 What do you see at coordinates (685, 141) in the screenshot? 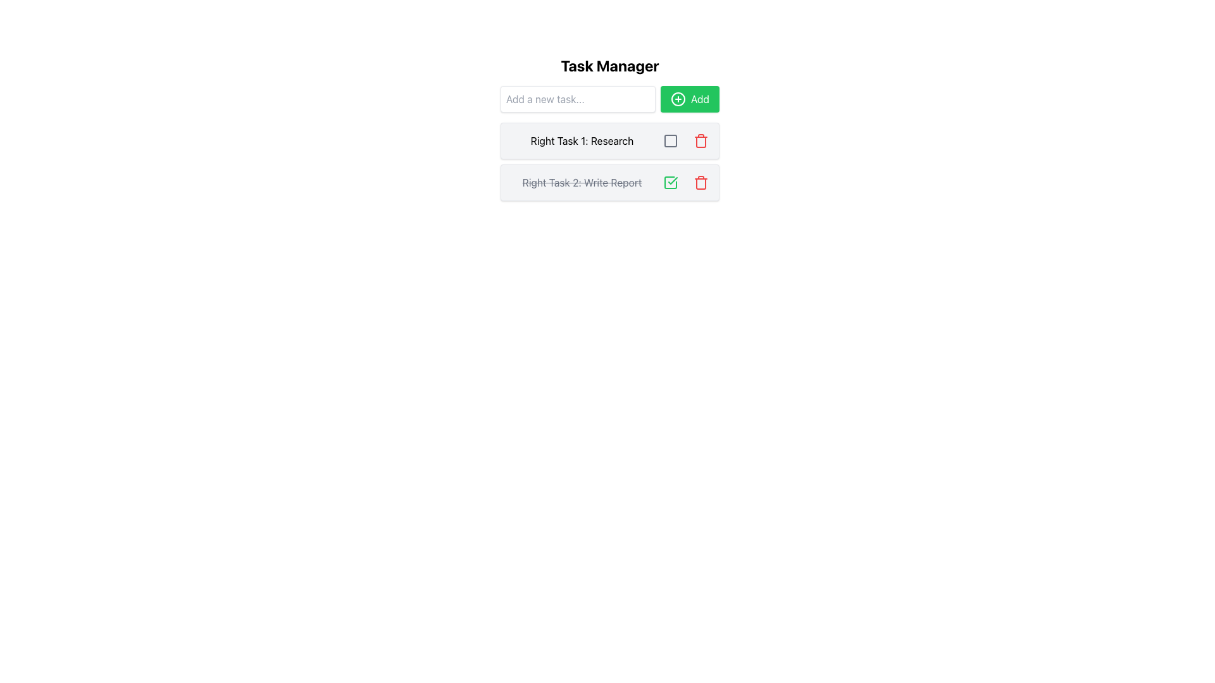
I see `the unchecked checkbox located next to the red trash can icon for 'Right Task 1: Research'` at bounding box center [685, 141].